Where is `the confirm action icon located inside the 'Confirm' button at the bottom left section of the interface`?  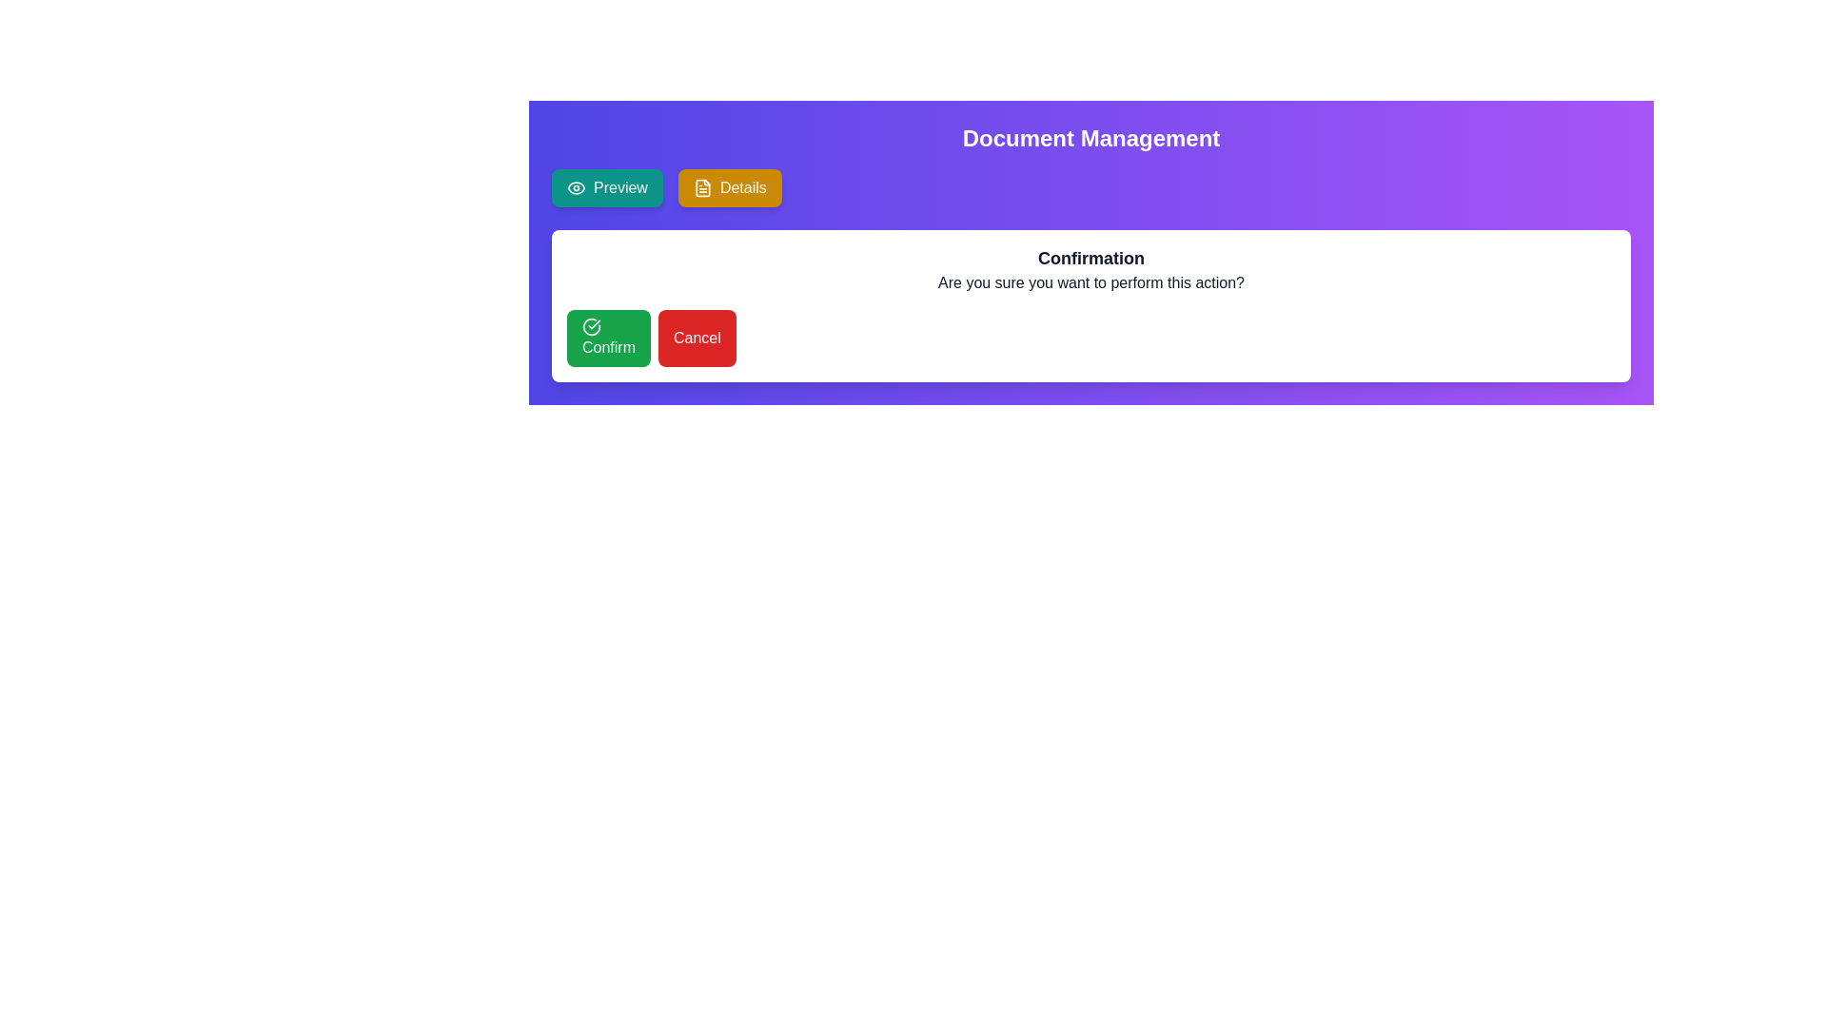 the confirm action icon located inside the 'Confirm' button at the bottom left section of the interface is located at coordinates (591, 325).